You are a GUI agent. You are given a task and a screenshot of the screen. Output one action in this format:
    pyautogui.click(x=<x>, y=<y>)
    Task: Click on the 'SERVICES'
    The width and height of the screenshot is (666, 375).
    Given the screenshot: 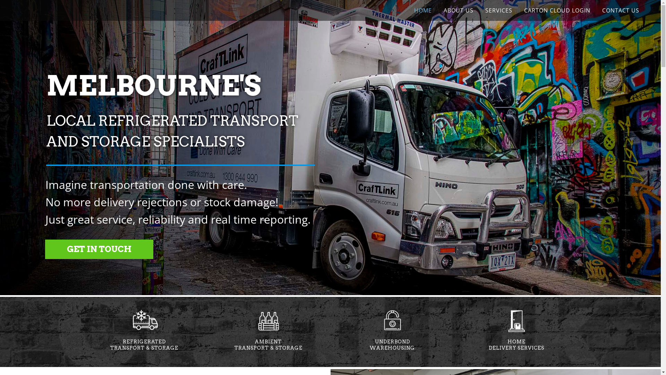 What is the action you would take?
    pyautogui.click(x=498, y=10)
    